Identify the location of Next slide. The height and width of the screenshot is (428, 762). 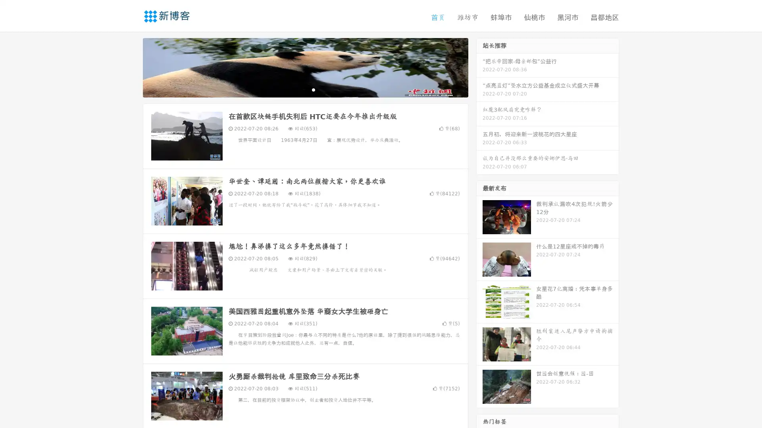
(479, 67).